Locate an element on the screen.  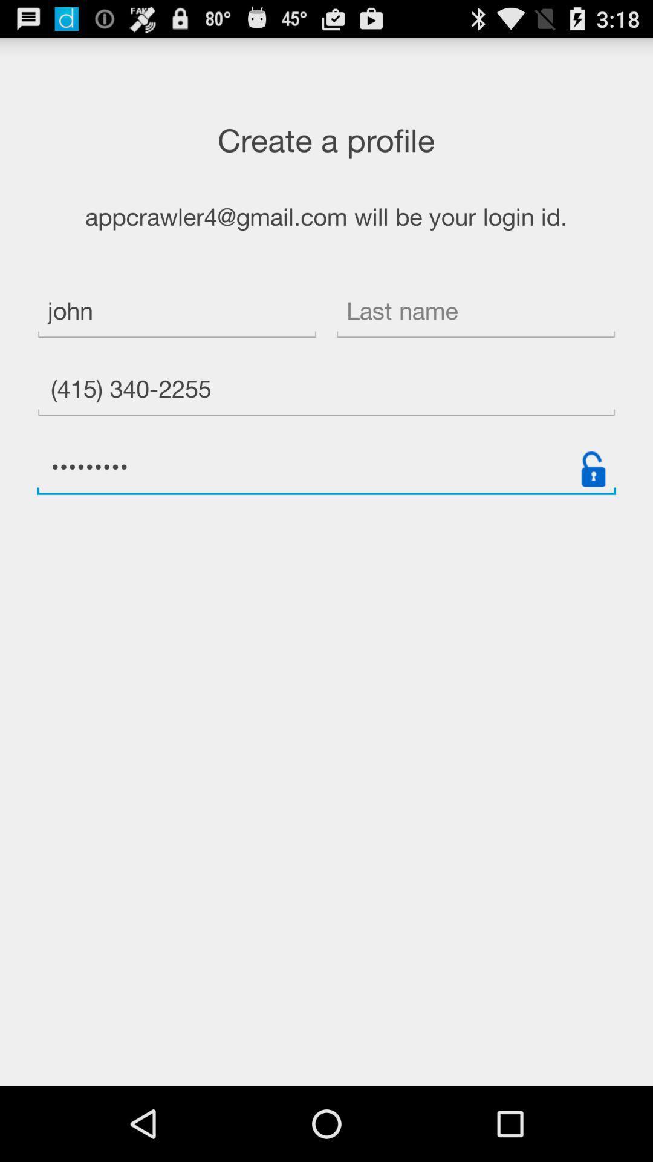
the item below the (415) 340-2255 is located at coordinates (593, 468).